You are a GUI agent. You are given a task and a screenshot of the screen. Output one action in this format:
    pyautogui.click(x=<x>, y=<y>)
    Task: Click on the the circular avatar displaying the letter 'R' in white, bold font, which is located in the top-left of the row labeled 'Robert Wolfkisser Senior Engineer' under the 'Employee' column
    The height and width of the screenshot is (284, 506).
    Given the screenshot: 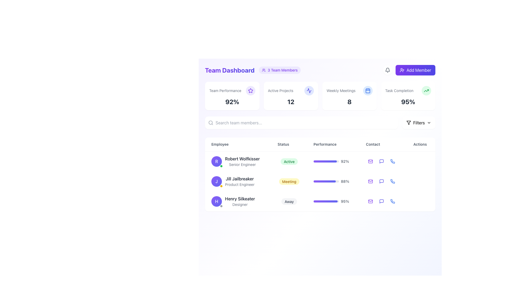 What is the action you would take?
    pyautogui.click(x=216, y=161)
    